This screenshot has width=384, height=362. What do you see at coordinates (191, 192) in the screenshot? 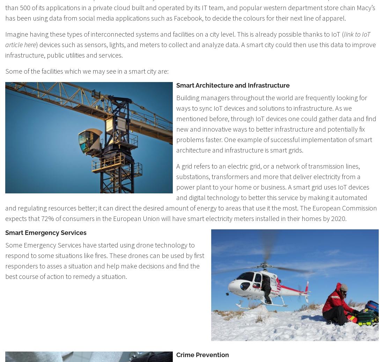
I see `'A grid refers to an electric grid, or a network of transmission lines, substations, transformers and more that deliver electricity from a power plant to your home or business. A smart grid uses IoT devices and digital technology to better this service by making it automated and regulating resources better; it can direct the desired amount of energy to areas that use it the most. The European Commission expects that 72% of consumers in the European Union will have smart electricity meters installed in their homes by 2020.'` at bounding box center [191, 192].